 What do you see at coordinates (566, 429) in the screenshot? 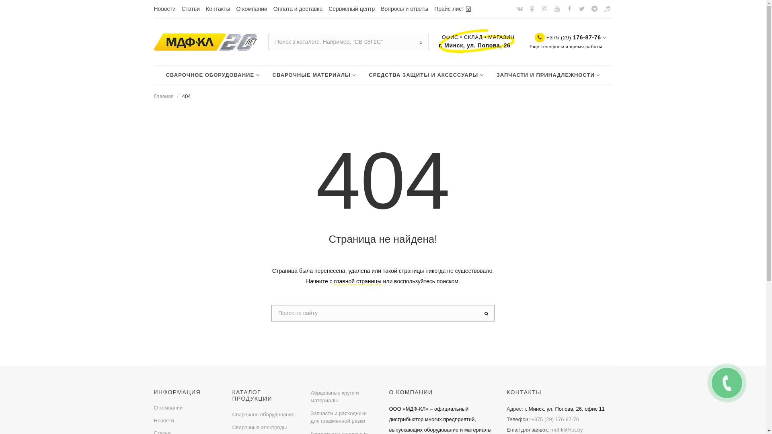
I see `'mdf-kl@tut.by'` at bounding box center [566, 429].